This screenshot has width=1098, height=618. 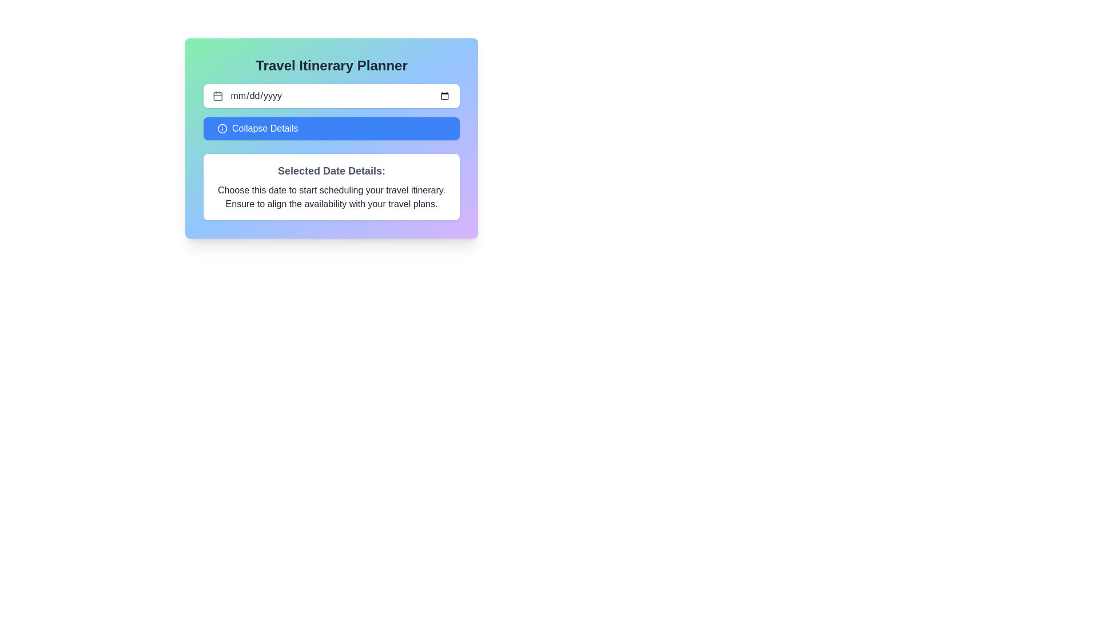 What do you see at coordinates (222, 128) in the screenshot?
I see `the circular icon with an 'i' symbol, located to the left of the 'Collapse Details' button` at bounding box center [222, 128].